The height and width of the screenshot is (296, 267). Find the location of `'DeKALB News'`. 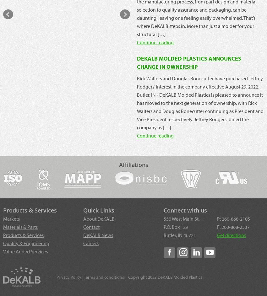

'DeKALB News' is located at coordinates (98, 234).